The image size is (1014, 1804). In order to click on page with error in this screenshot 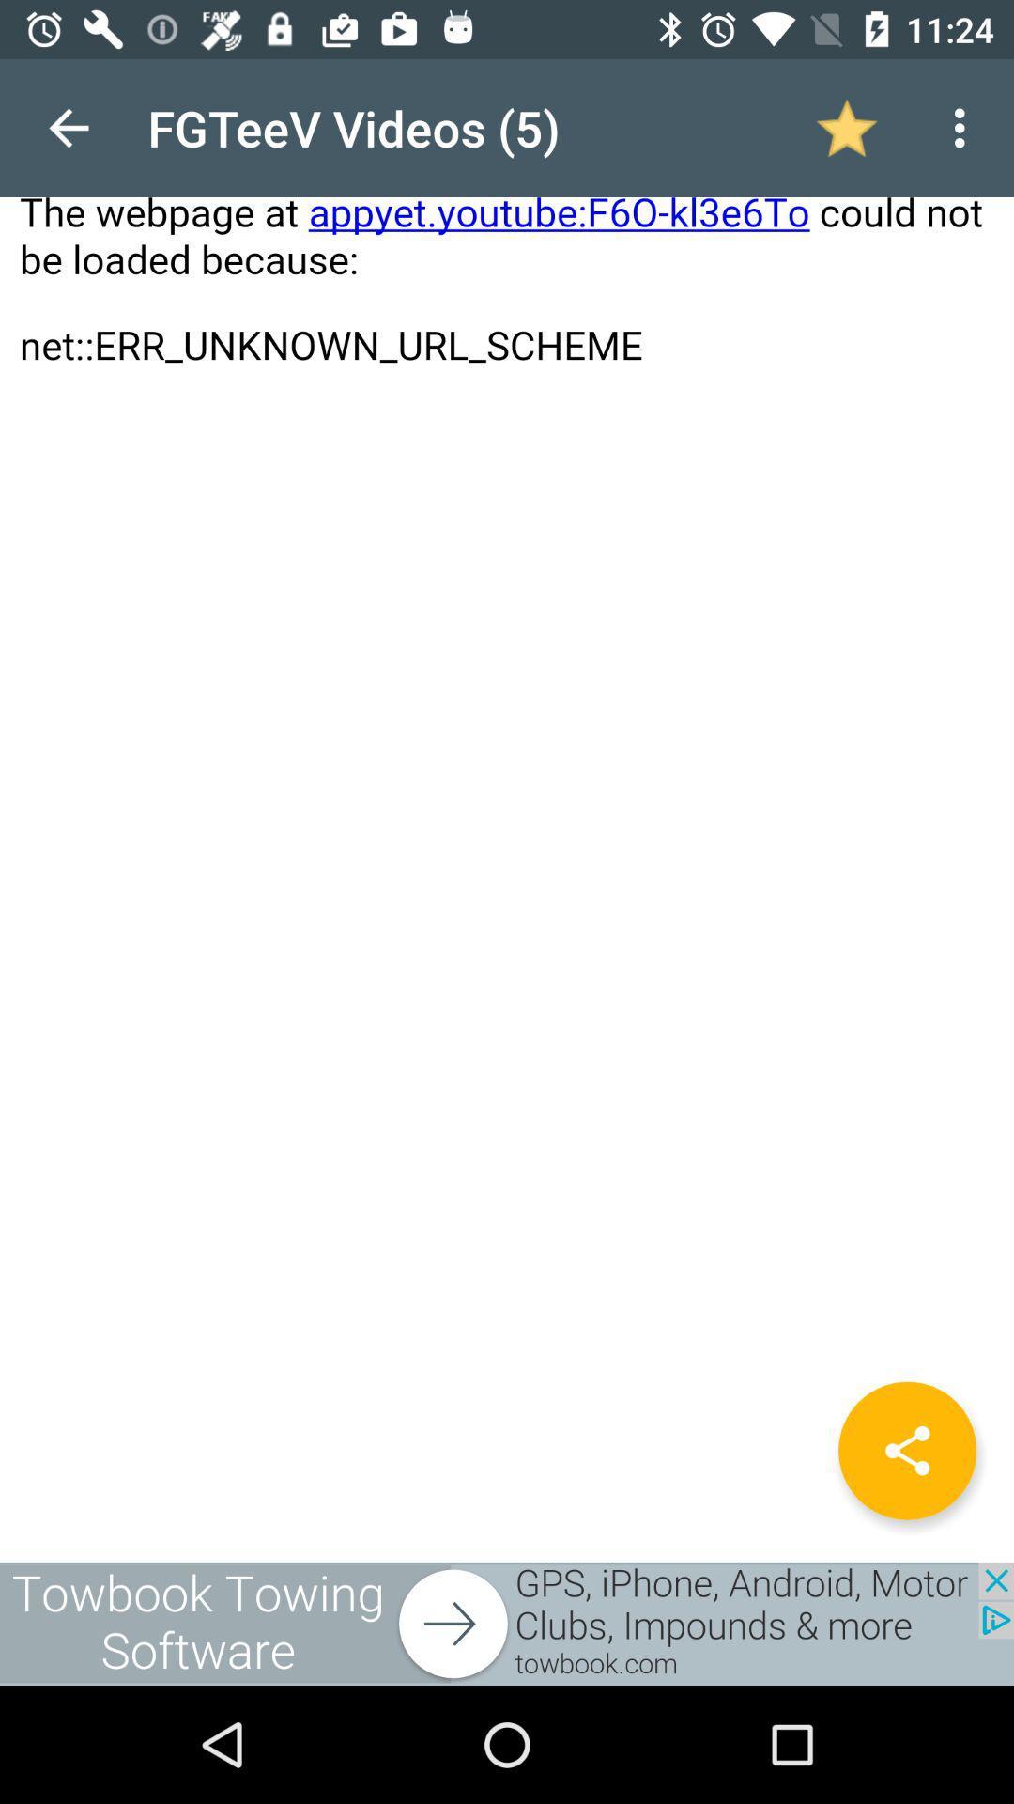, I will do `click(507, 810)`.